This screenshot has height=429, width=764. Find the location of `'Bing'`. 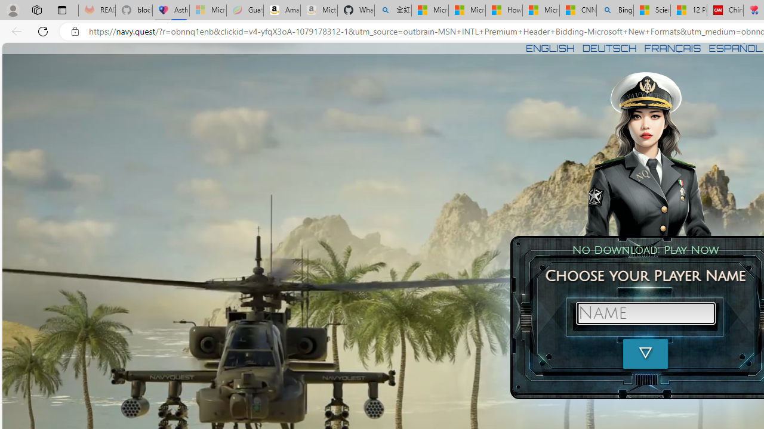

'Bing' is located at coordinates (615, 10).